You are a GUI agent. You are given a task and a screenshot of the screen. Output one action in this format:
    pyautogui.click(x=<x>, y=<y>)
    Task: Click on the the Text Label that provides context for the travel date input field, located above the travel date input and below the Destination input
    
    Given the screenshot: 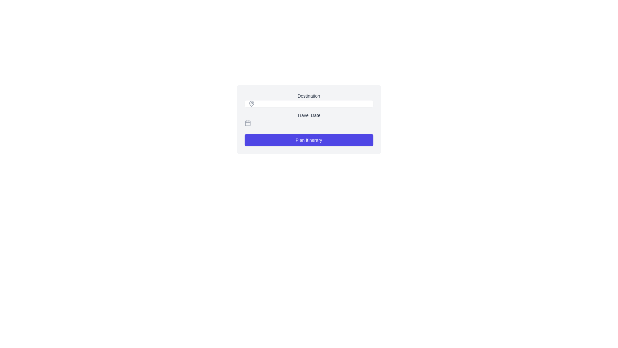 What is the action you would take?
    pyautogui.click(x=308, y=115)
    